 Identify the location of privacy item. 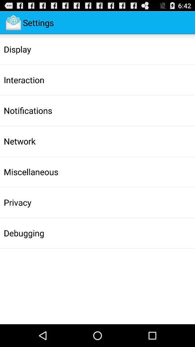
(17, 202).